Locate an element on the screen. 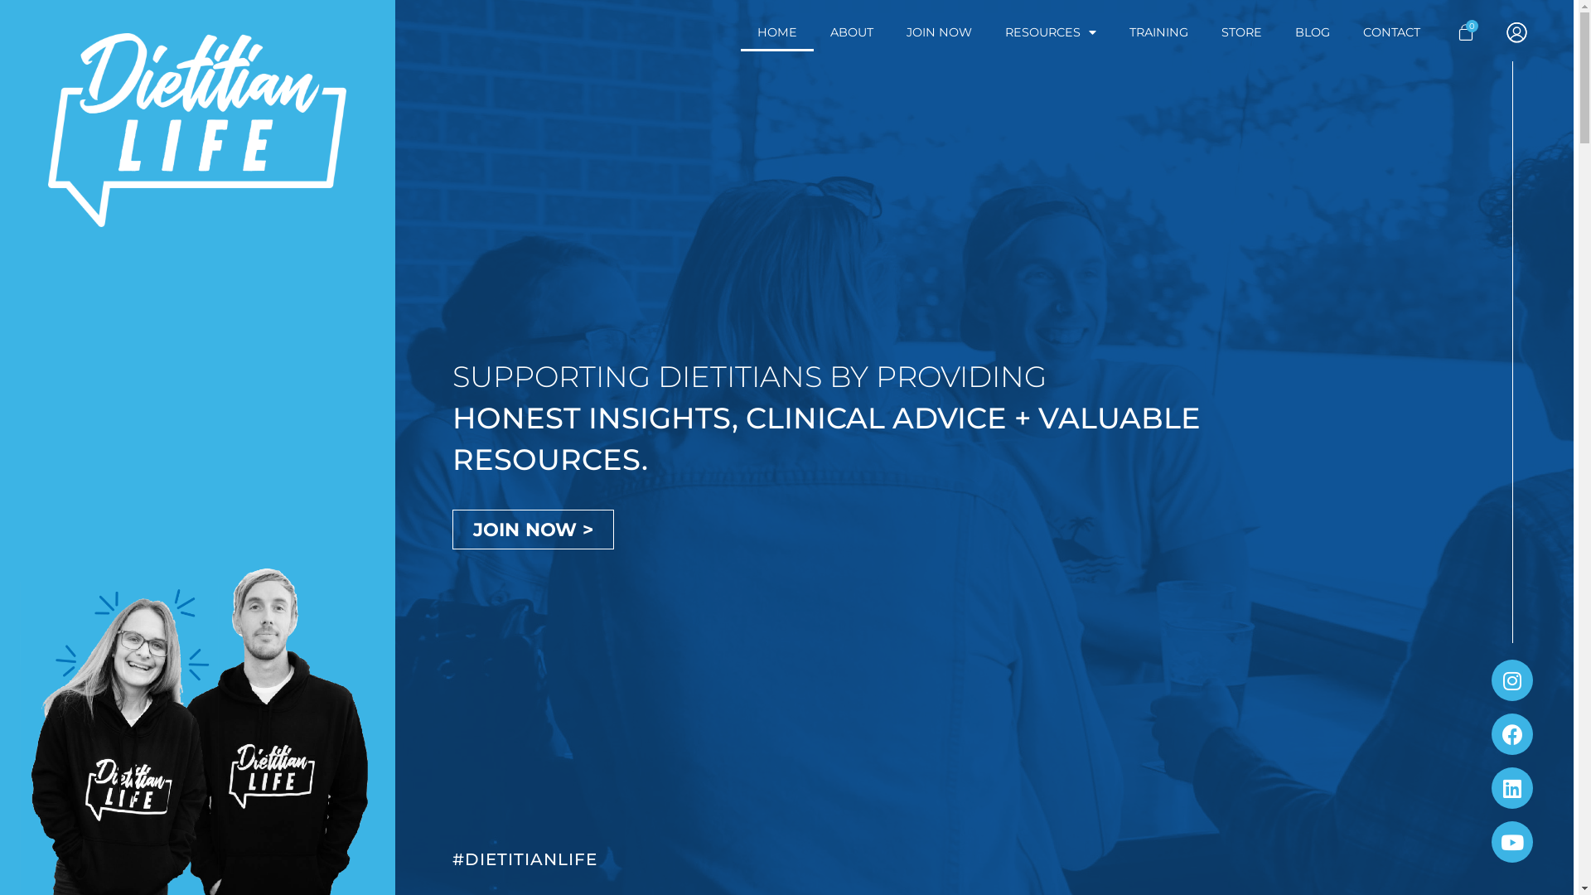 This screenshot has height=895, width=1591. 'HOME' is located at coordinates (776, 31).